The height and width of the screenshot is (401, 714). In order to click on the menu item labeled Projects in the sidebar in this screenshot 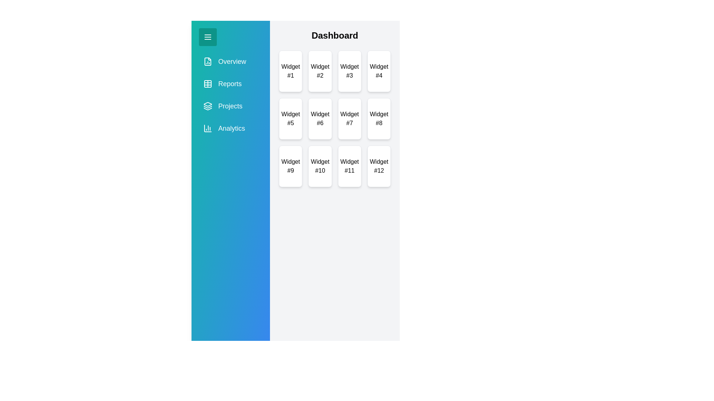, I will do `click(230, 106)`.